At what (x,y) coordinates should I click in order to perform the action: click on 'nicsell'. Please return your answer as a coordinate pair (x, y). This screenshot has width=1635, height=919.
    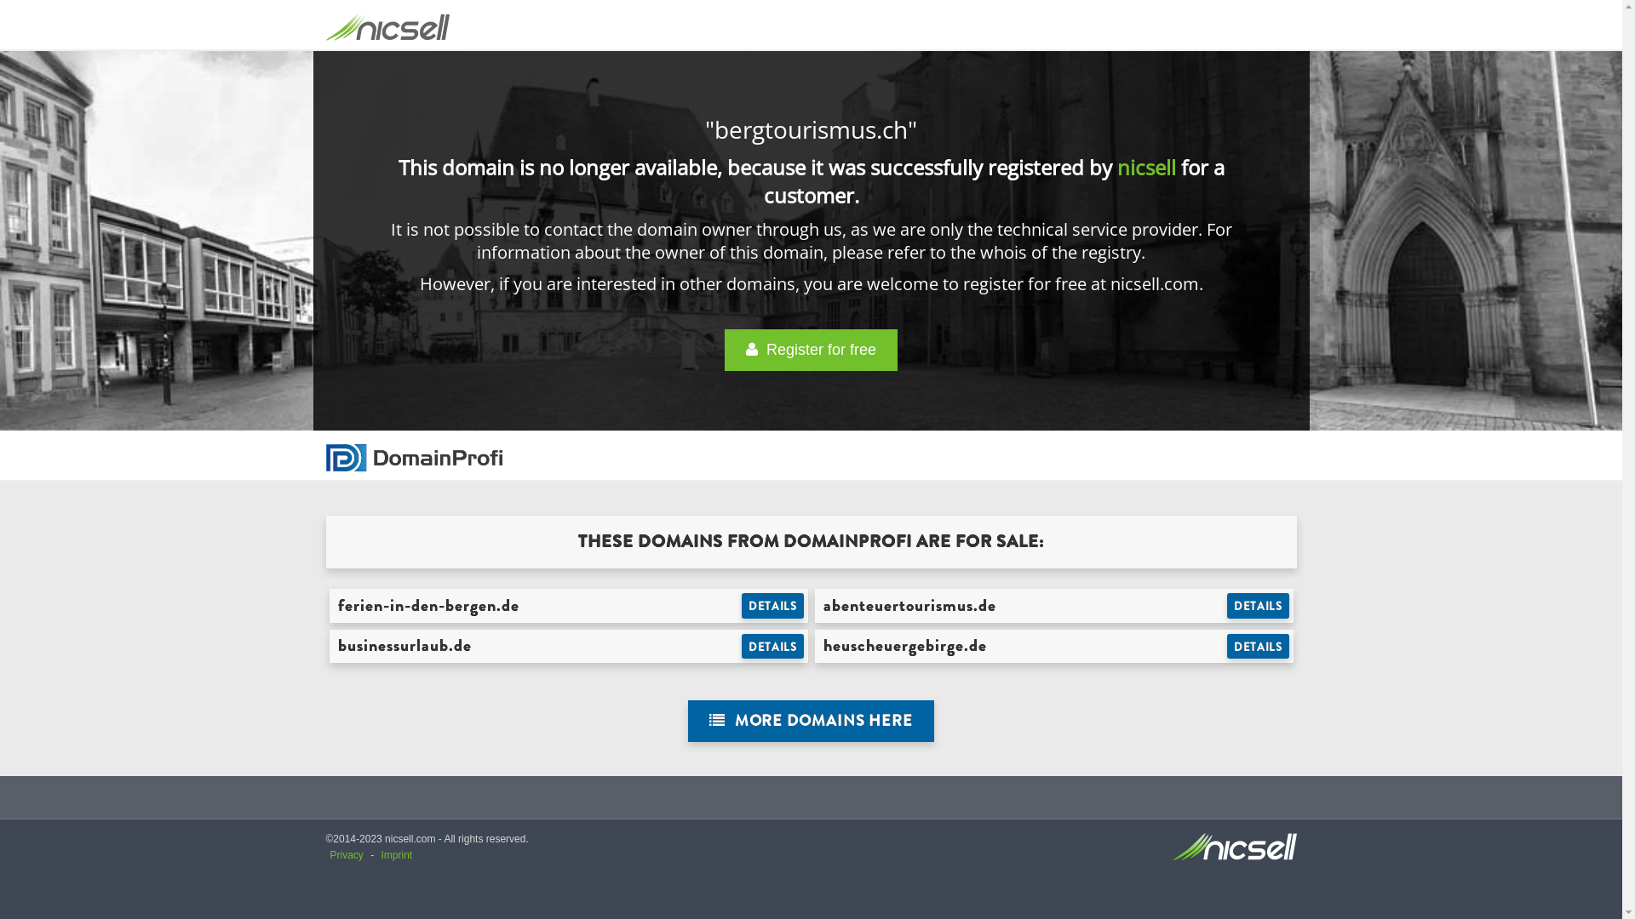
    Looking at the image, I should click on (1146, 167).